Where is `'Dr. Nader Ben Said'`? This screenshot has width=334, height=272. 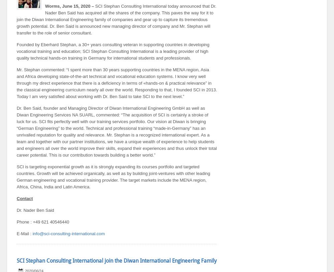 'Dr. Nader Ben Said' is located at coordinates (35, 210).